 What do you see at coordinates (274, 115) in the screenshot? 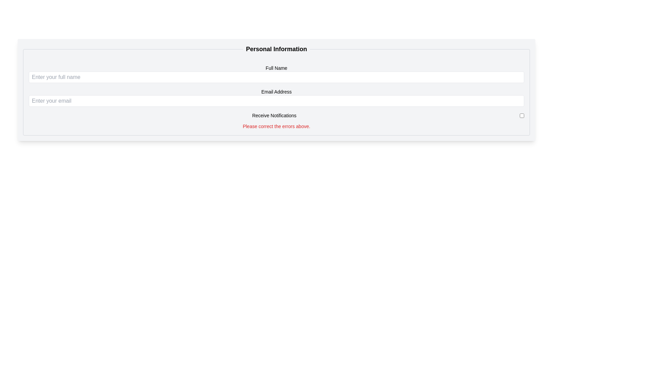
I see `the label that describes the adjacent checkbox, which is located in the third row of the form fields and is left-aligned` at bounding box center [274, 115].